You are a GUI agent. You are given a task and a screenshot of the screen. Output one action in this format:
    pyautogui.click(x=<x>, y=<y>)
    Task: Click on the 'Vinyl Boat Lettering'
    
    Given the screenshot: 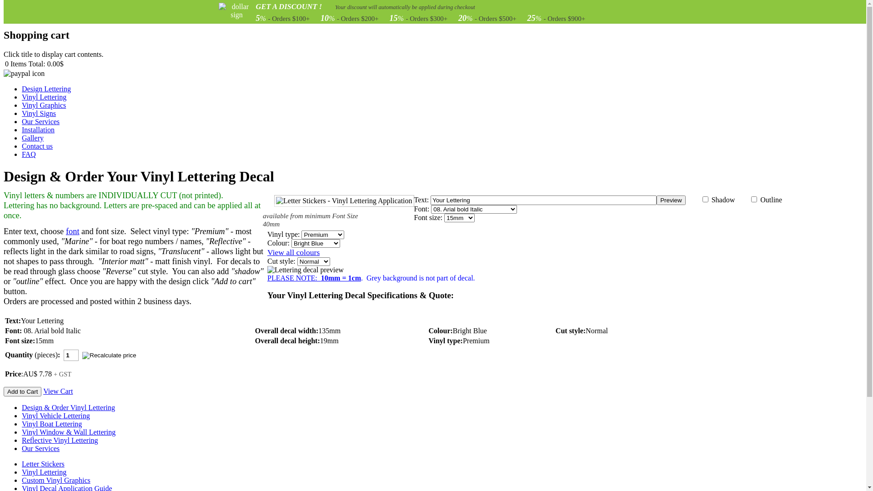 What is the action you would take?
    pyautogui.click(x=51, y=424)
    